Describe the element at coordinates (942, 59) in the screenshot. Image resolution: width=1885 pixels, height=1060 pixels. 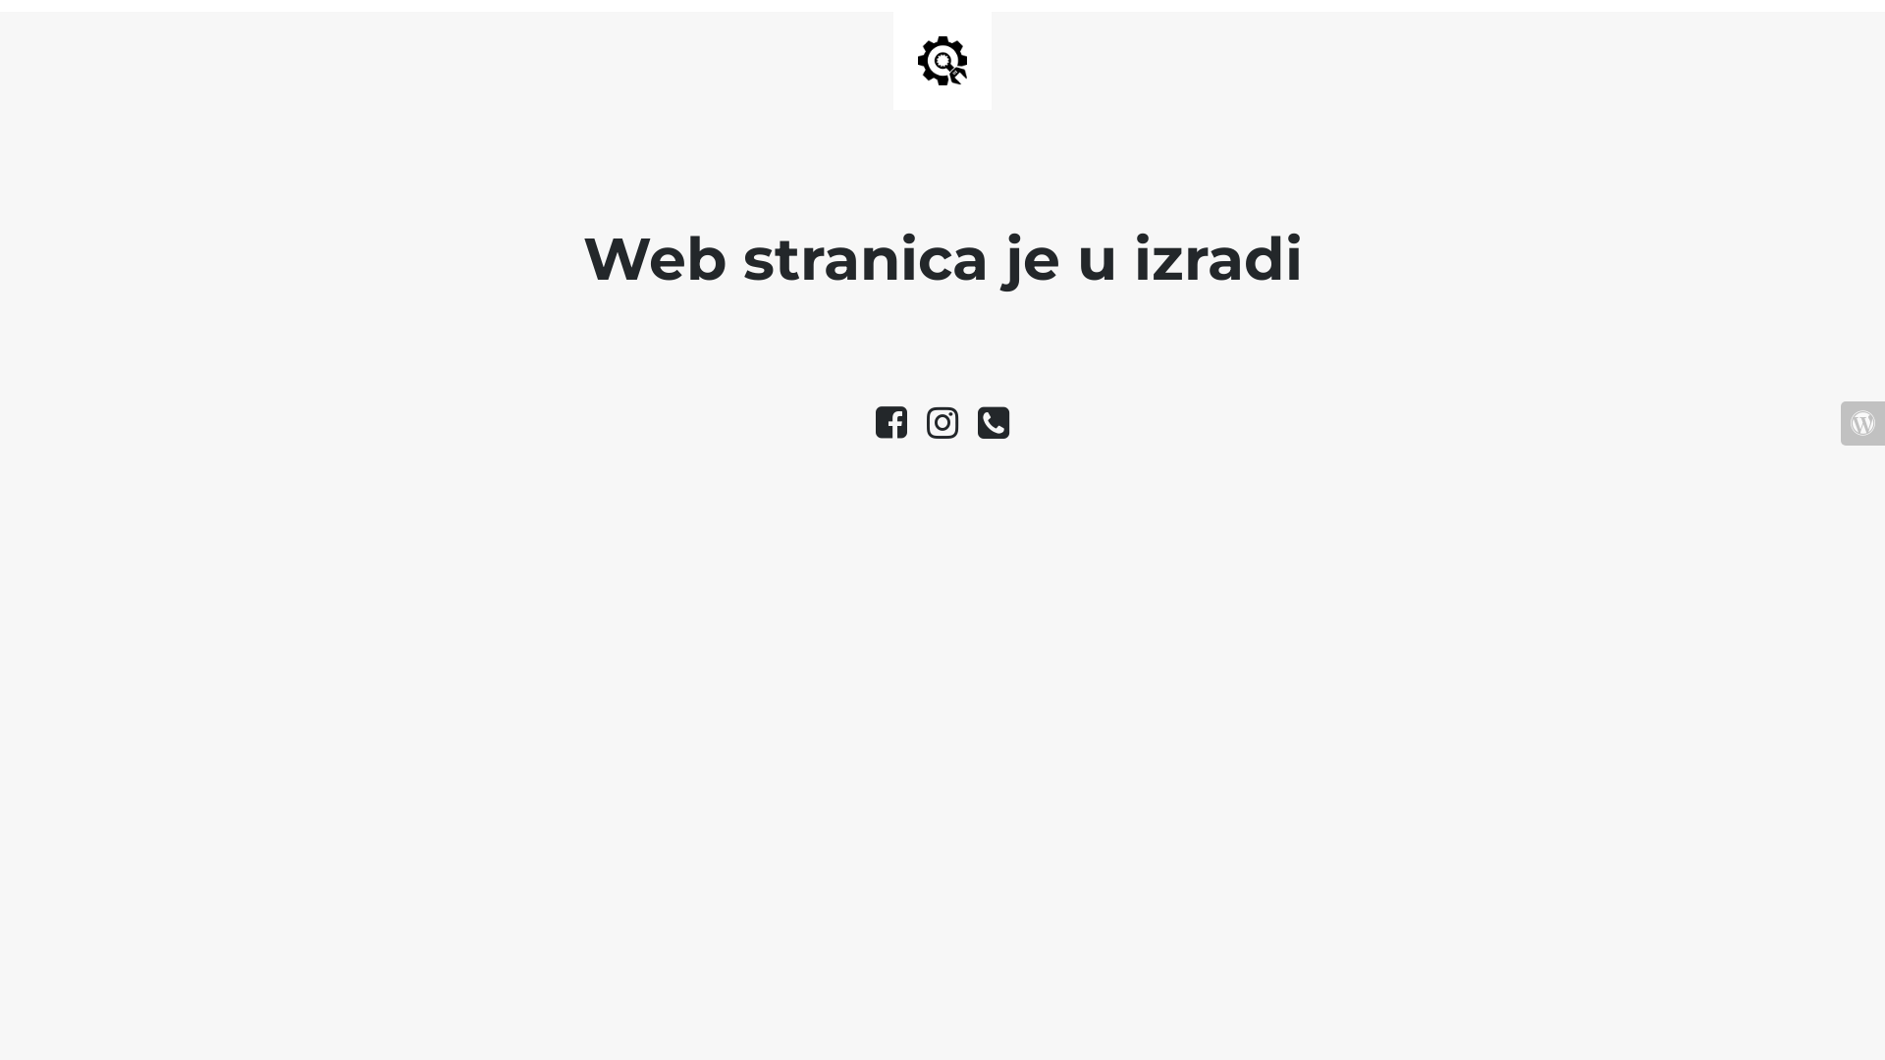
I see `'Site is Under Construction'` at that location.